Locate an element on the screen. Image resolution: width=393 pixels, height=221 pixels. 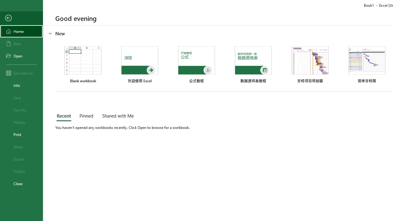
'Save As' is located at coordinates (21, 109).